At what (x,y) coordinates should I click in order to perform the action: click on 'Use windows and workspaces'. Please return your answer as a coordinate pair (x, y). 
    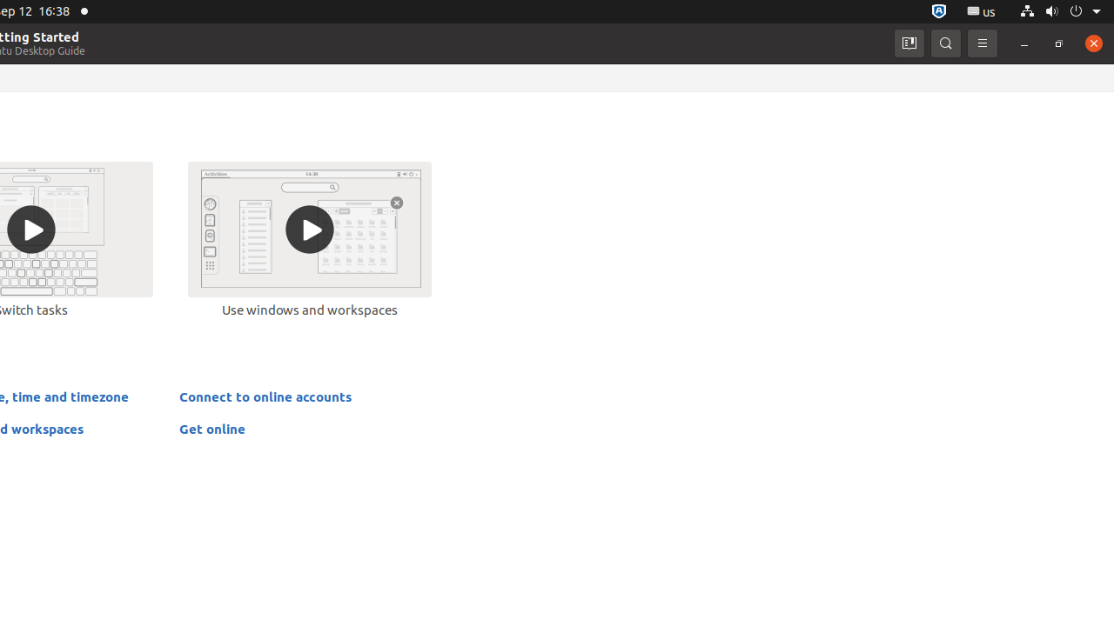
    Looking at the image, I should click on (309, 238).